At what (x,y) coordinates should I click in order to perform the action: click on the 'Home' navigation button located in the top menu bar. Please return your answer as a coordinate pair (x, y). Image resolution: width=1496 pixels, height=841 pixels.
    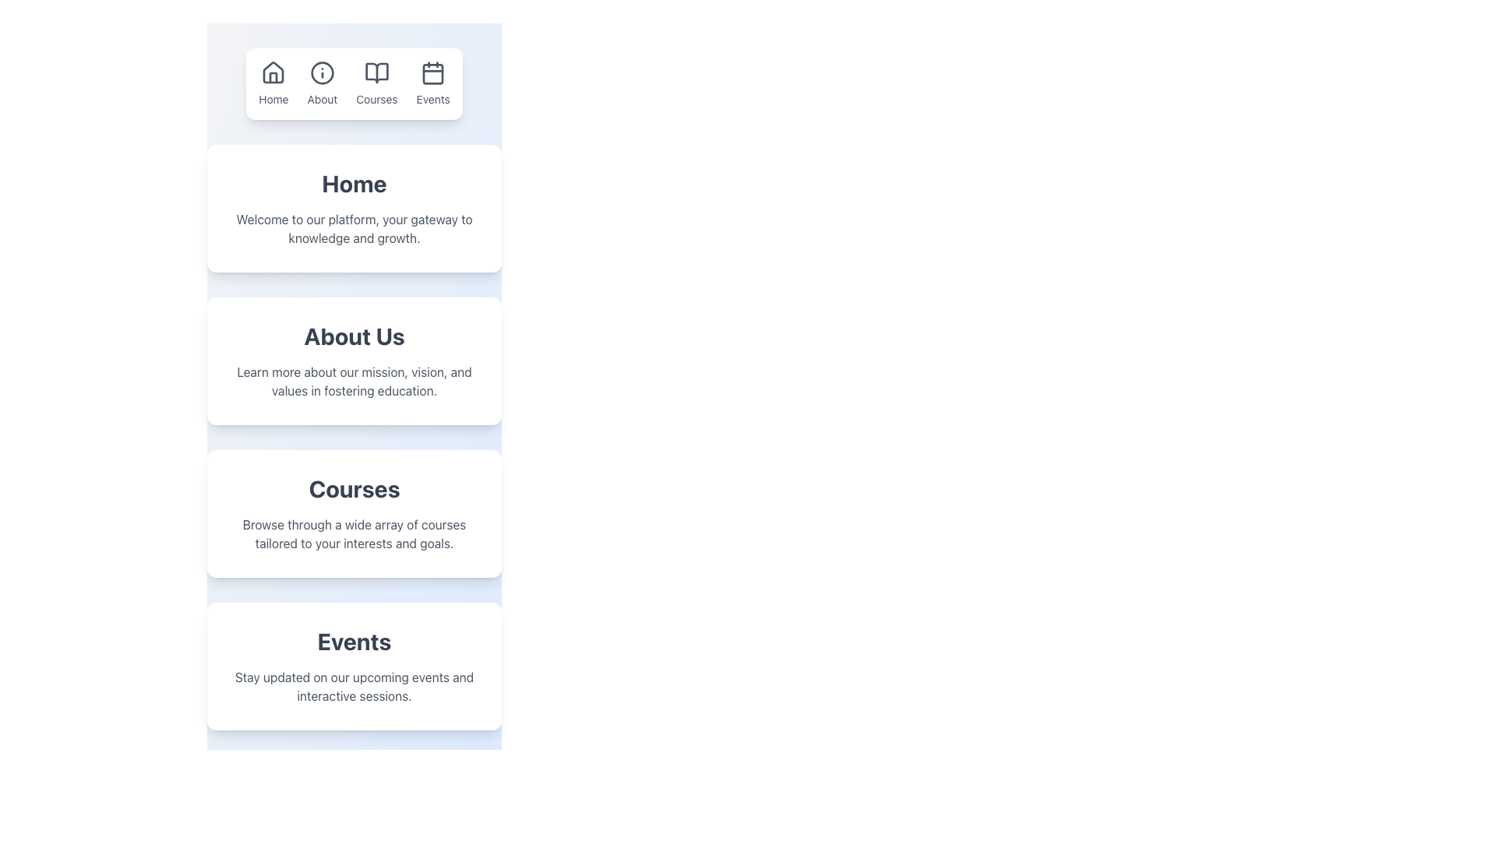
    Looking at the image, I should click on (273, 84).